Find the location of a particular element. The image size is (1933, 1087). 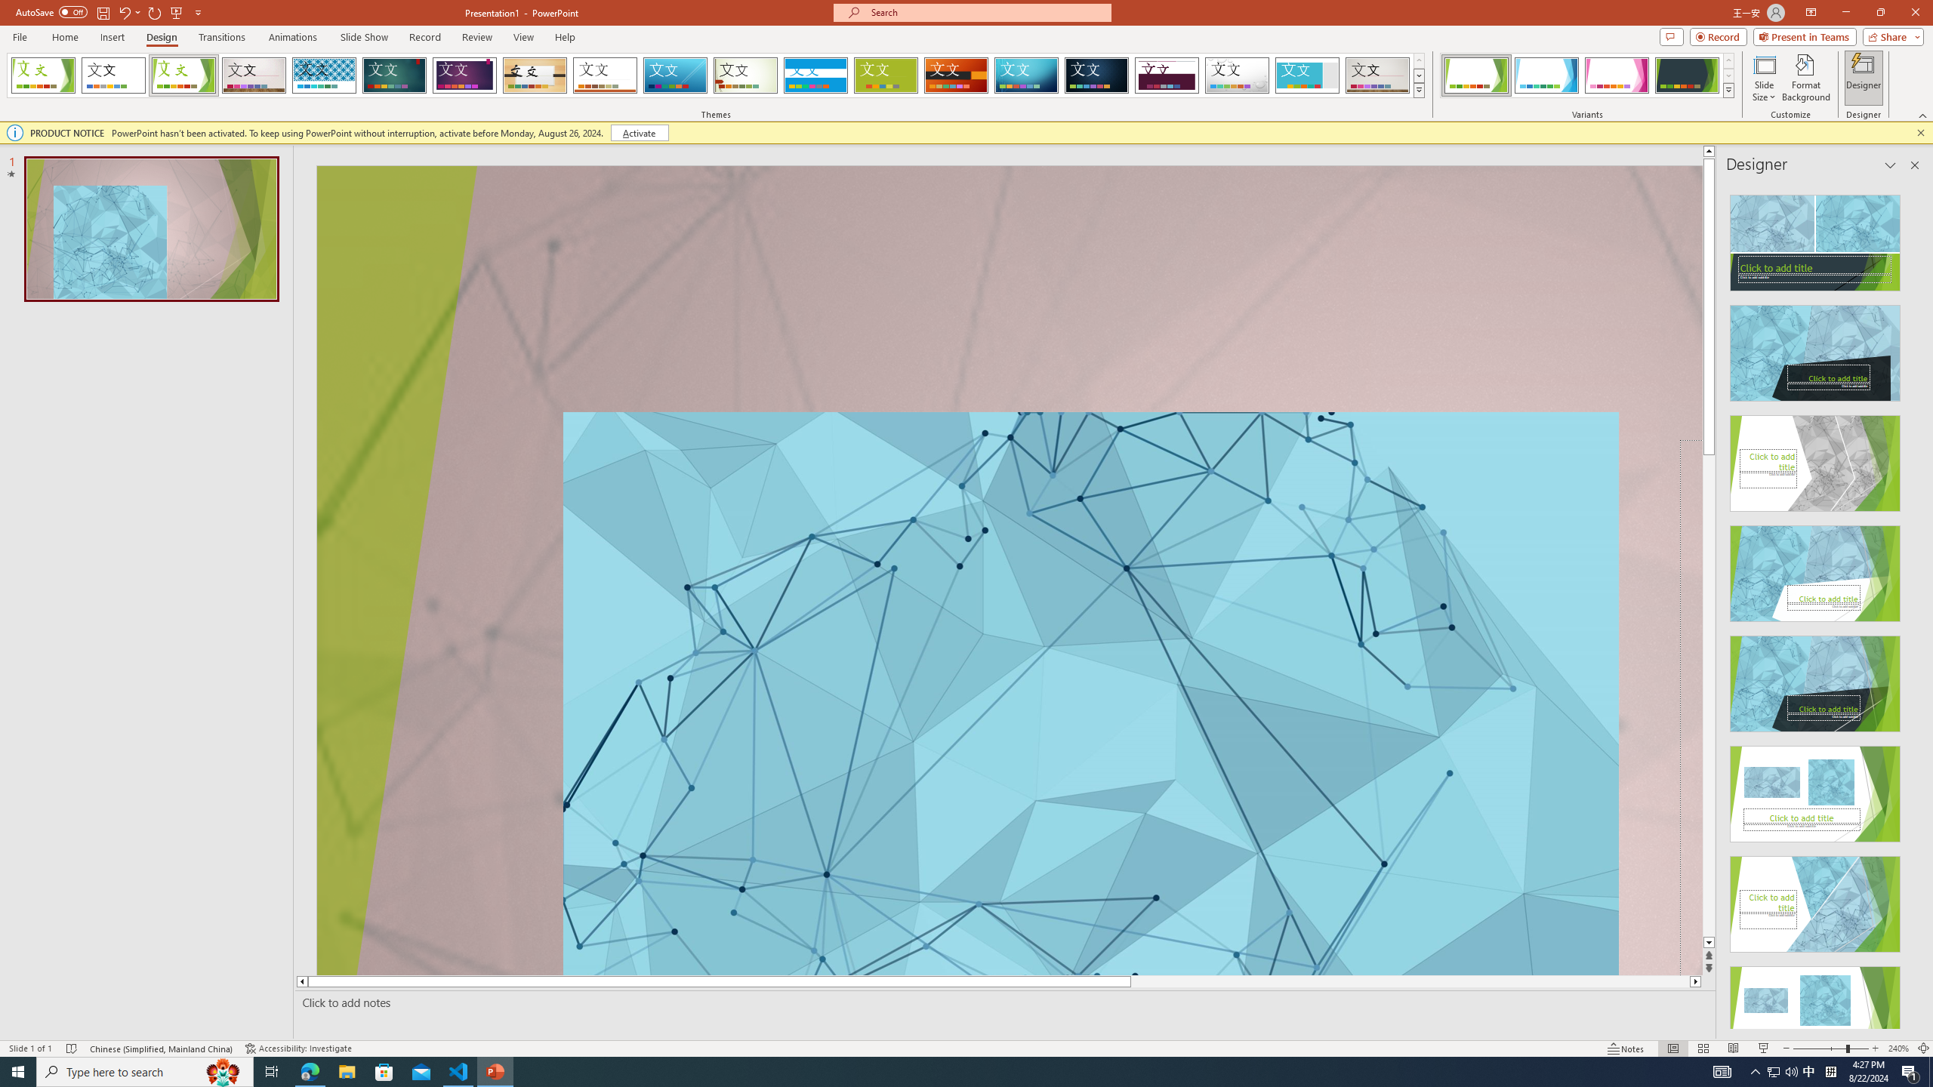

'Themes' is located at coordinates (1419, 89).